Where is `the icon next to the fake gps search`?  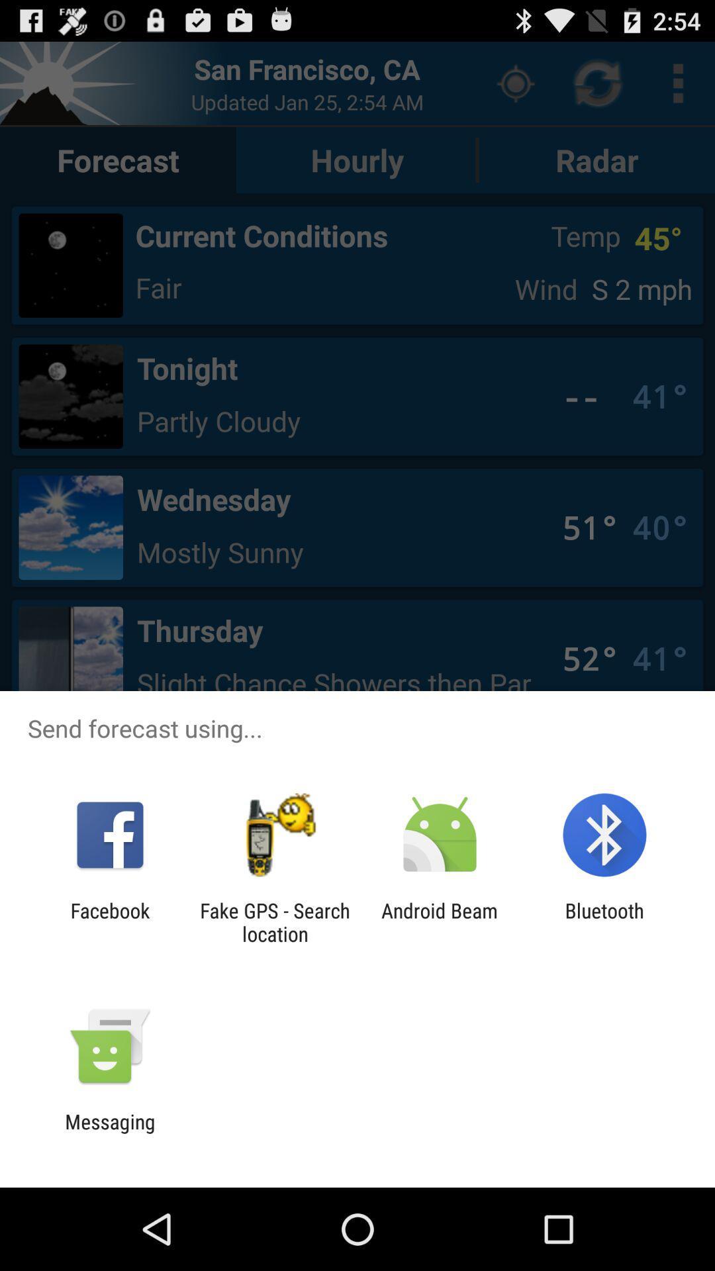 the icon next to the fake gps search is located at coordinates (109, 921).